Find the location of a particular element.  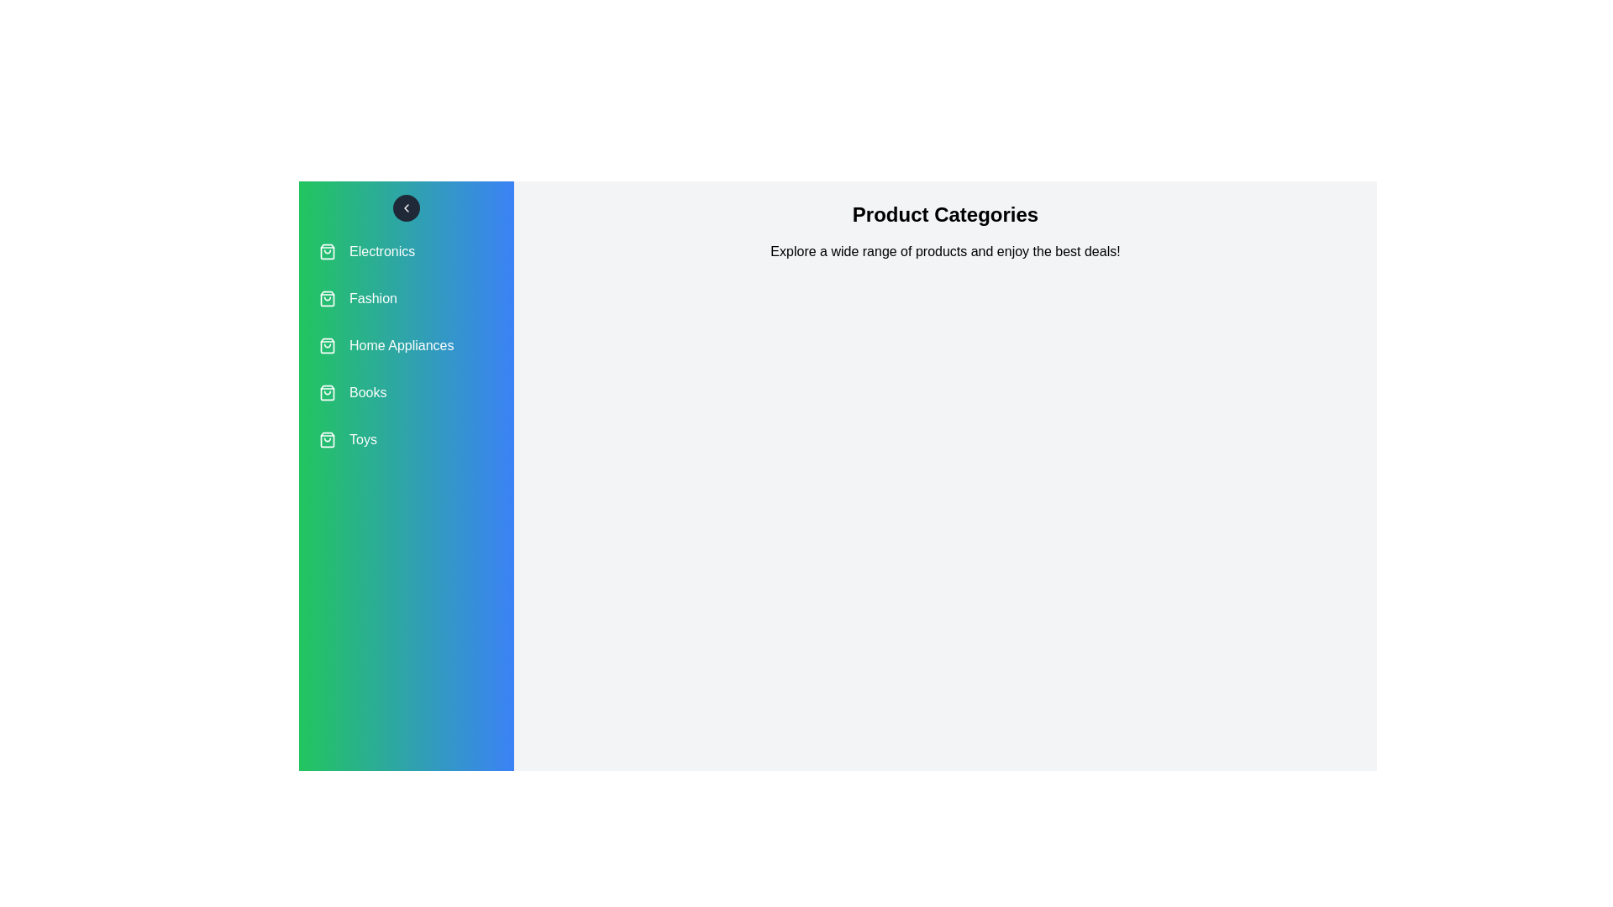

the icon associated with the category Books is located at coordinates (327, 392).